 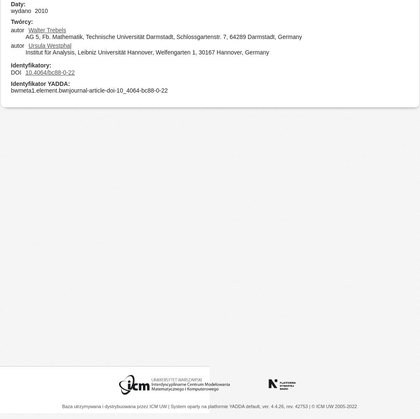 What do you see at coordinates (25, 72) in the screenshot?
I see `'10.4064/bc88-0-22'` at bounding box center [25, 72].